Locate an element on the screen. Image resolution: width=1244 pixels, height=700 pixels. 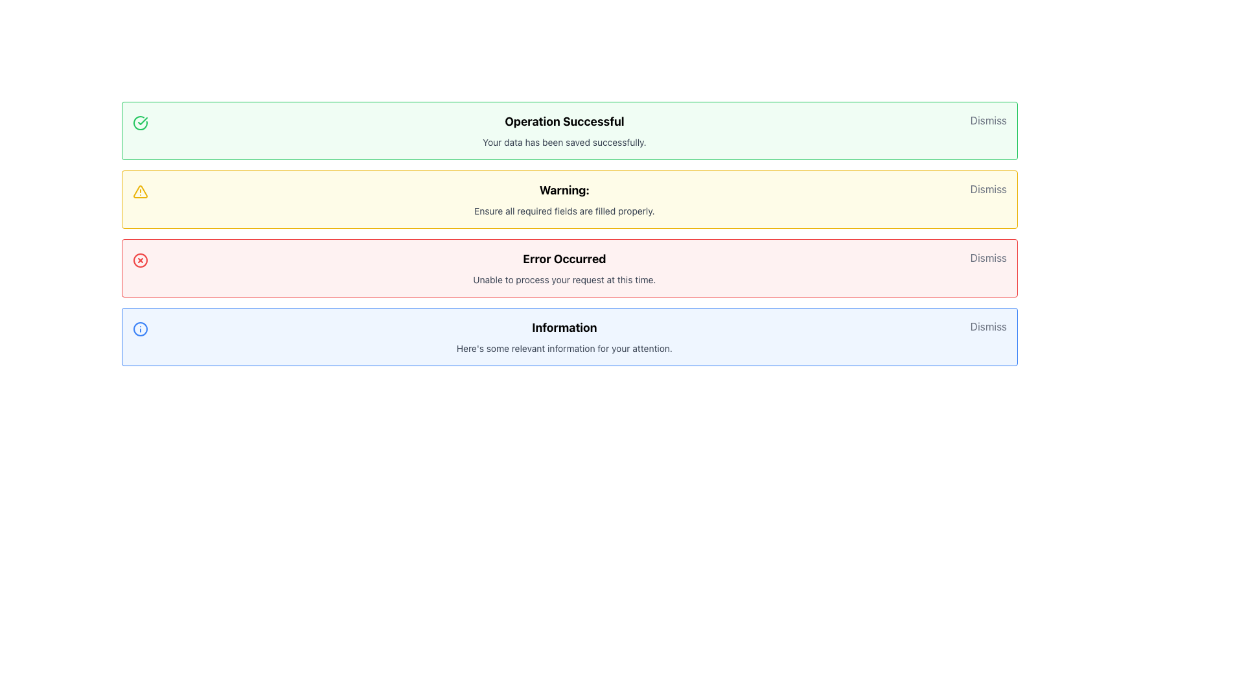
the SVG Circle Element within the 'Information' notification box located at the bottom of the interface, which is part of an info icon is located at coordinates (140, 329).